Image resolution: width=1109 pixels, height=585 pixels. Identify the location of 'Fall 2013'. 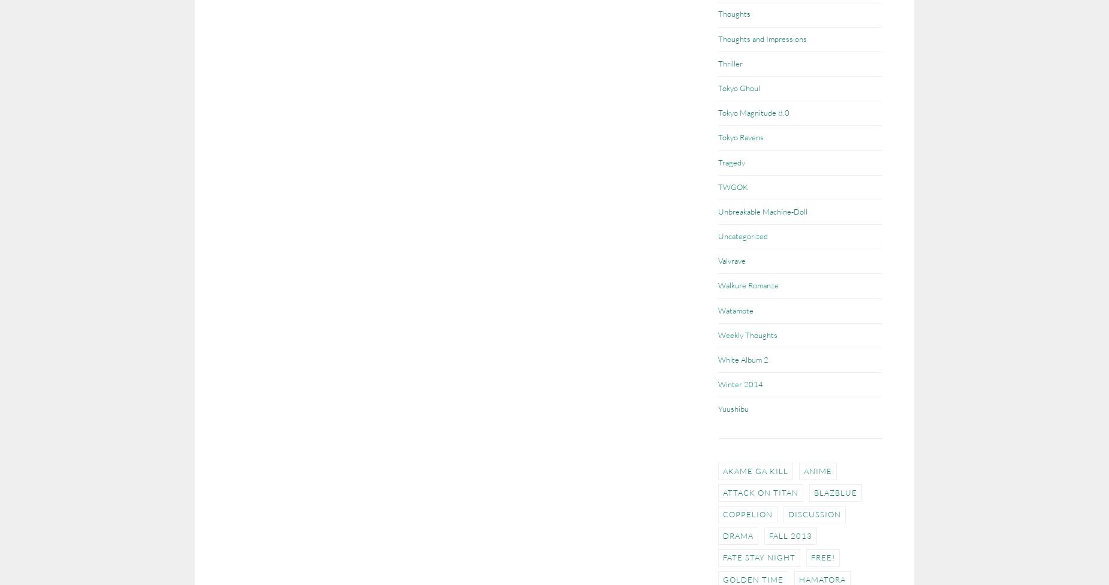
(790, 535).